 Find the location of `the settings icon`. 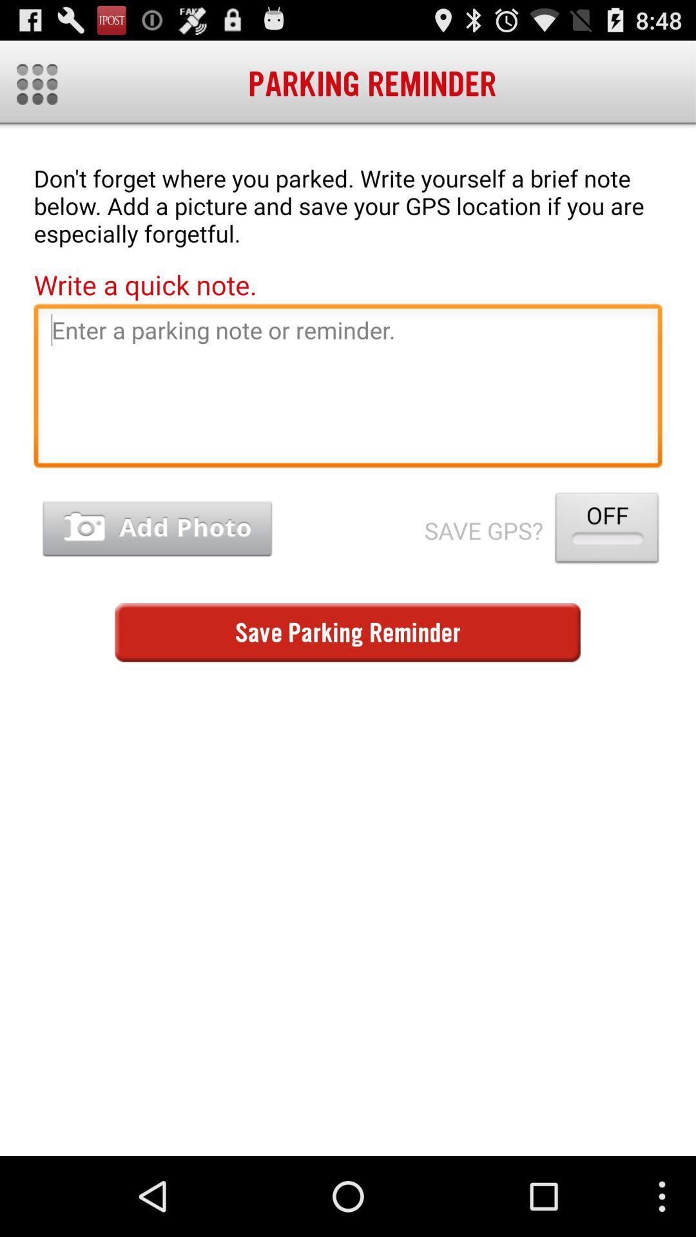

the settings icon is located at coordinates (36, 90).